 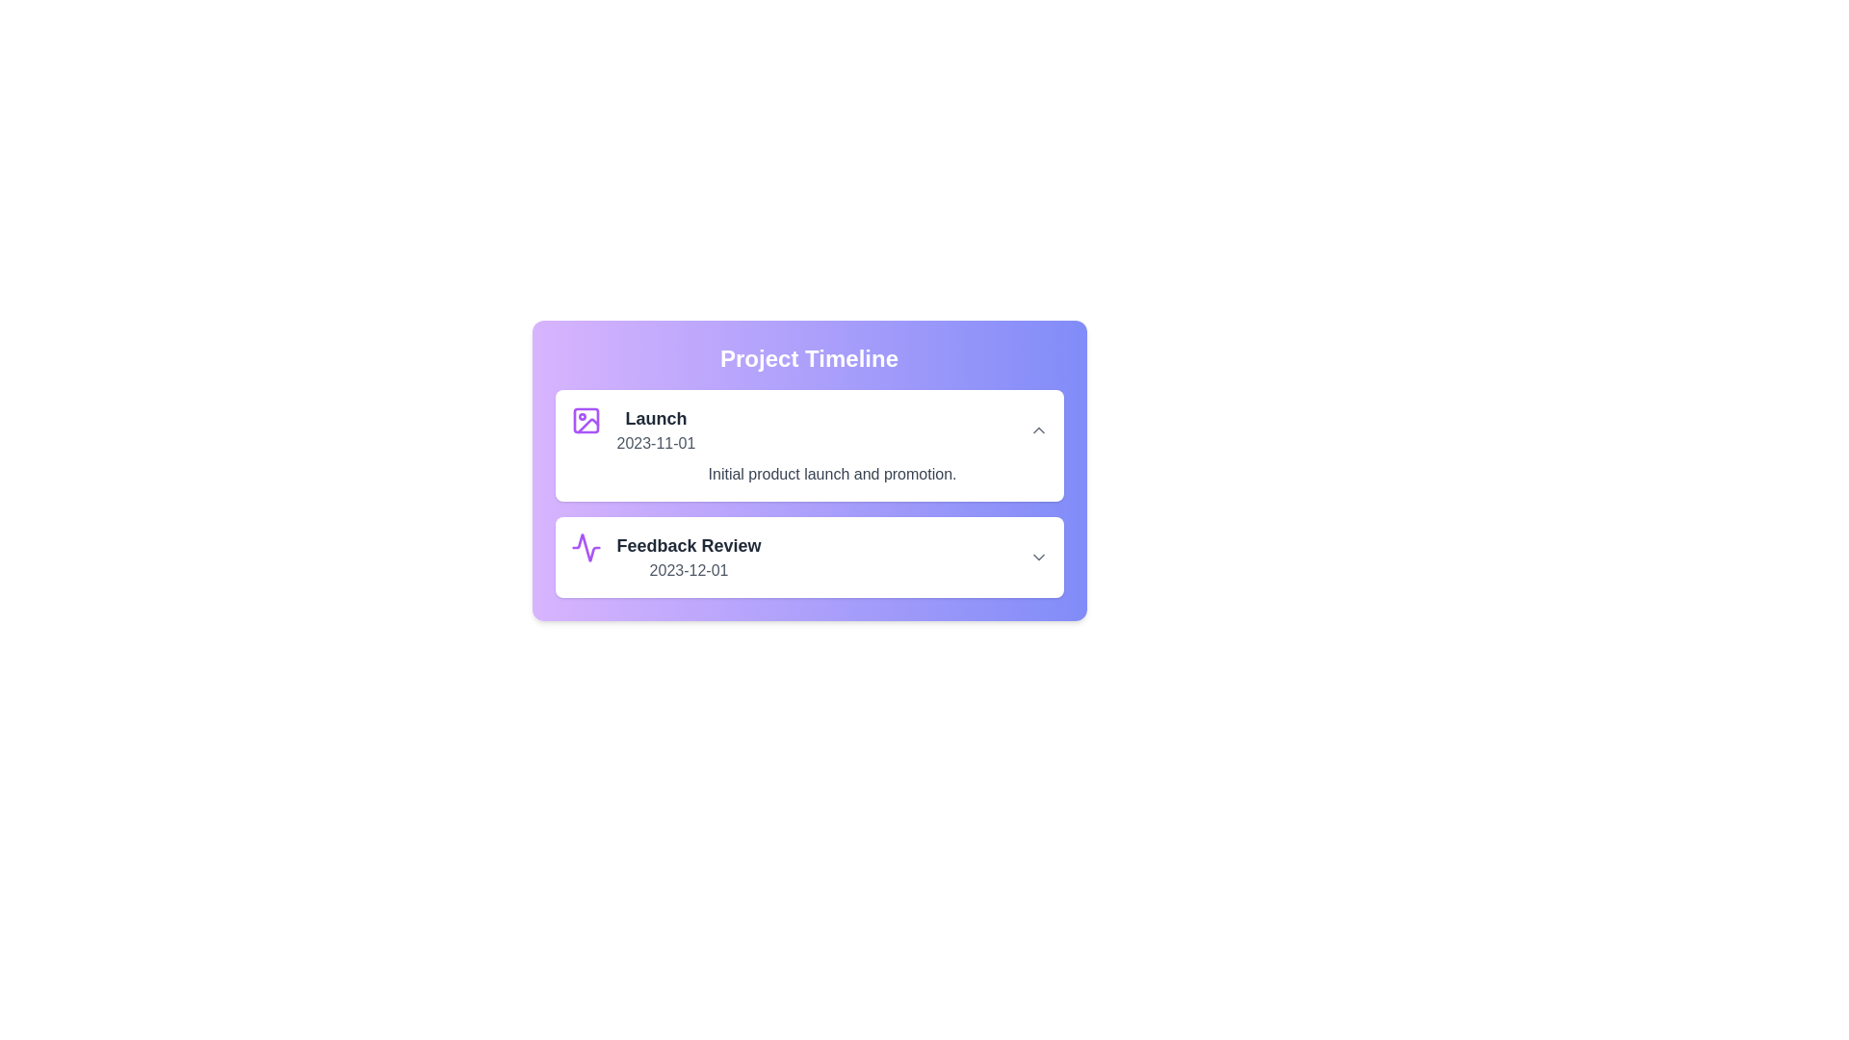 I want to click on text content displayed in the text label located directly below the 'Launch' text within the 'Project Timeline' section, so click(x=656, y=444).